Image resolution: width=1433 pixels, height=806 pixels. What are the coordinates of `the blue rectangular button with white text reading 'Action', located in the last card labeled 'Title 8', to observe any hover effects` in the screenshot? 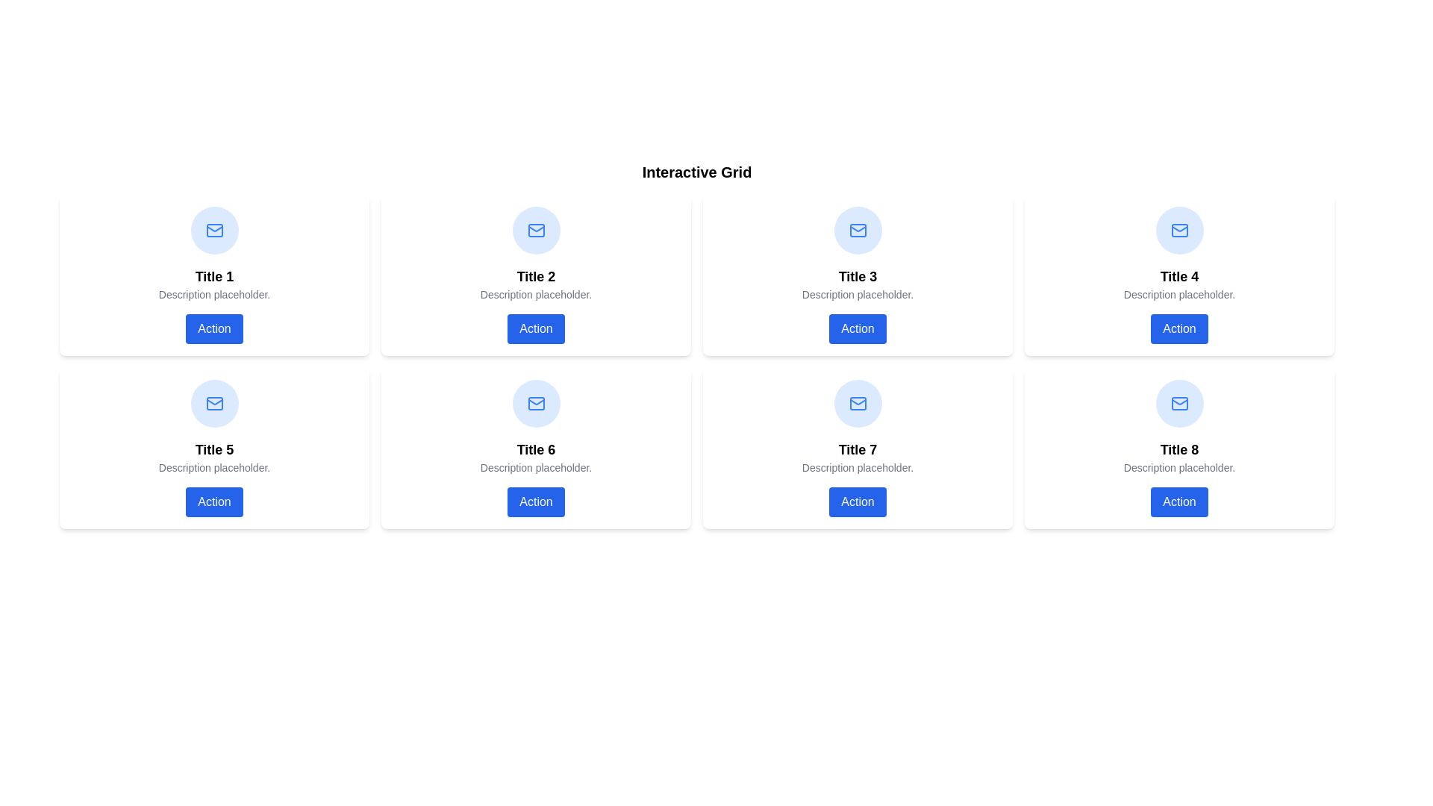 It's located at (1178, 502).